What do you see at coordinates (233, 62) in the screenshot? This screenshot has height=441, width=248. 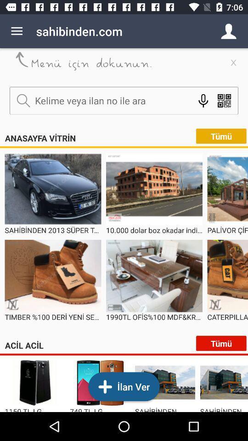 I see `the close icon` at bounding box center [233, 62].